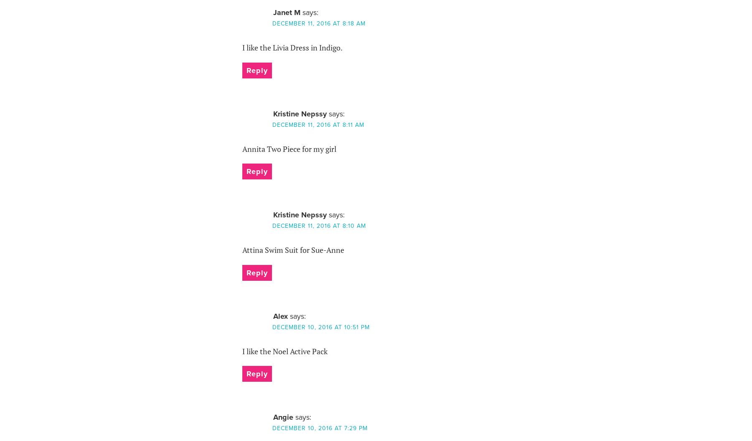 The image size is (752, 441). Describe the element at coordinates (291, 47) in the screenshot. I see `'I like the Livia Dress in Indigo.'` at that location.